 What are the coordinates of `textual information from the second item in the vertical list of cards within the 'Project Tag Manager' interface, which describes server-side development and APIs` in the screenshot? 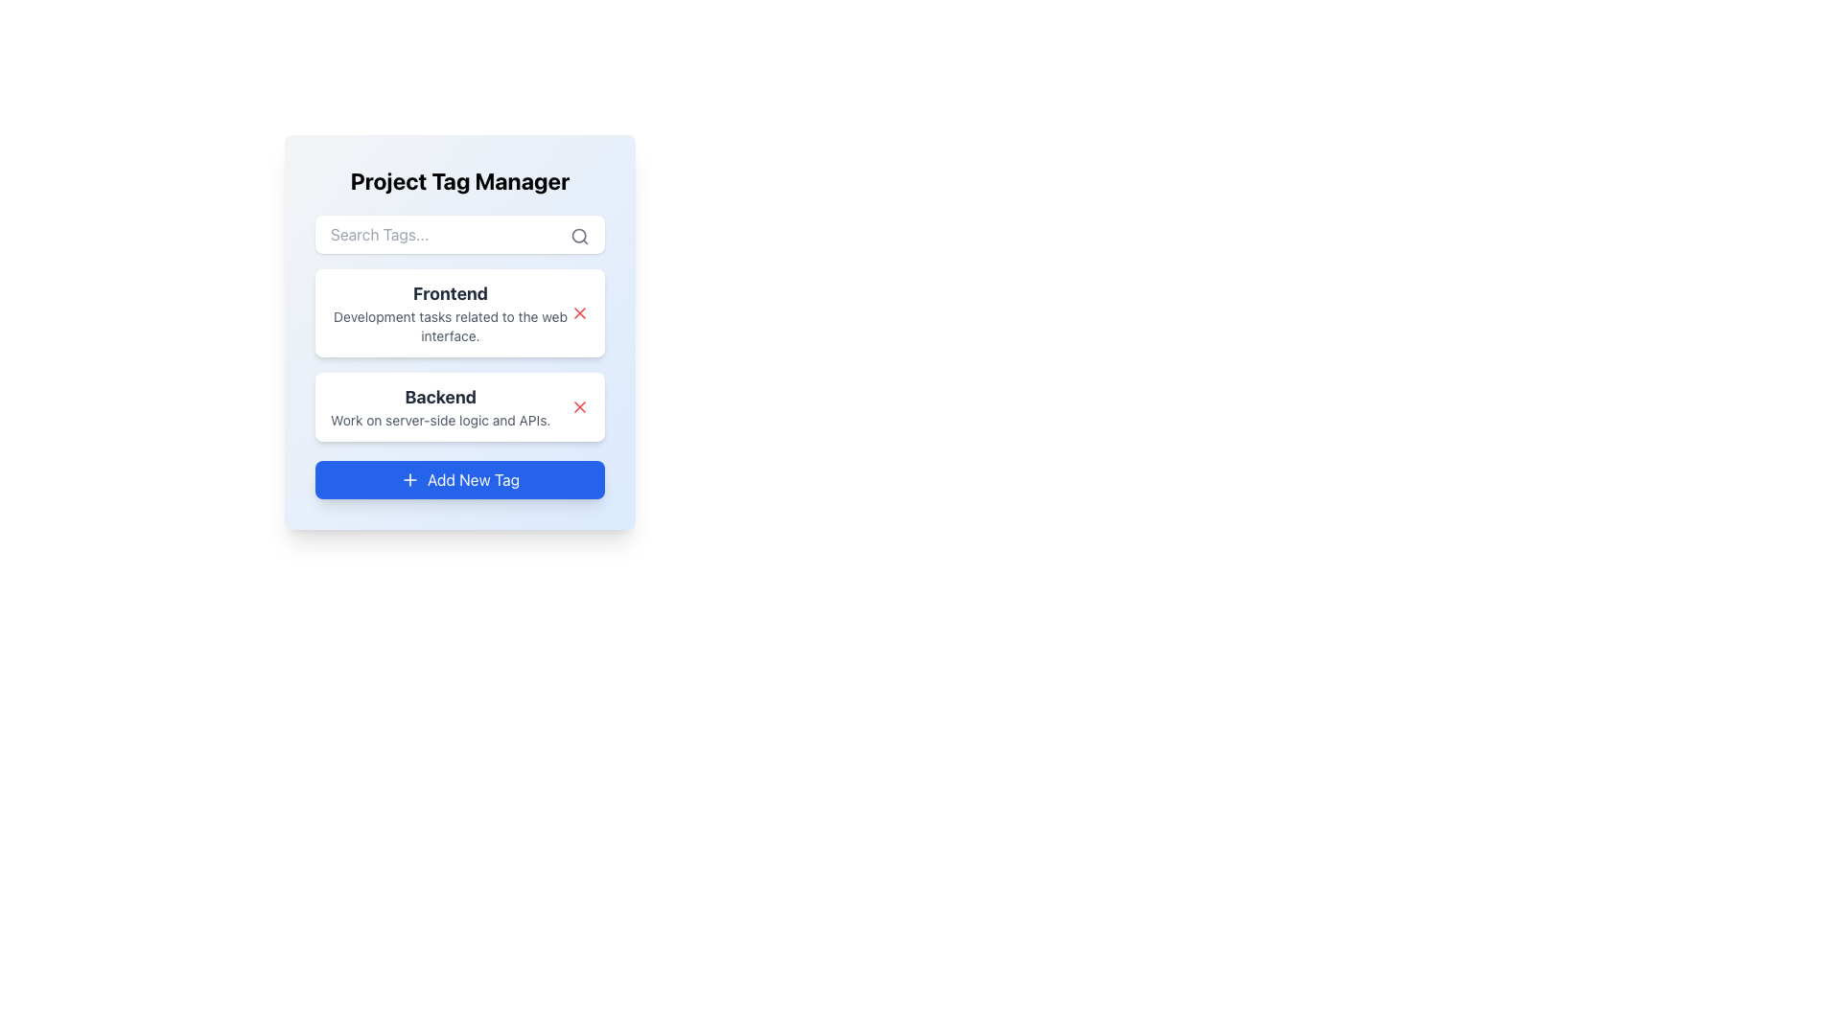 It's located at (439, 405).